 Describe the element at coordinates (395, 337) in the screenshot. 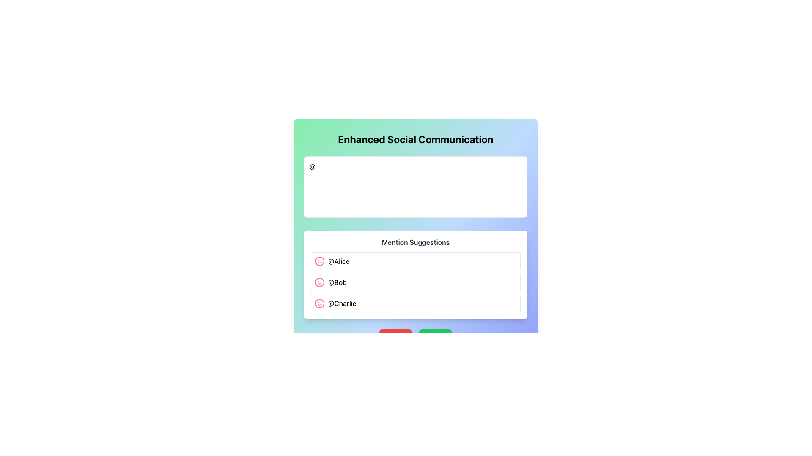

I see `the red rectangular button labeled 'Clear' with rounded corners` at that location.